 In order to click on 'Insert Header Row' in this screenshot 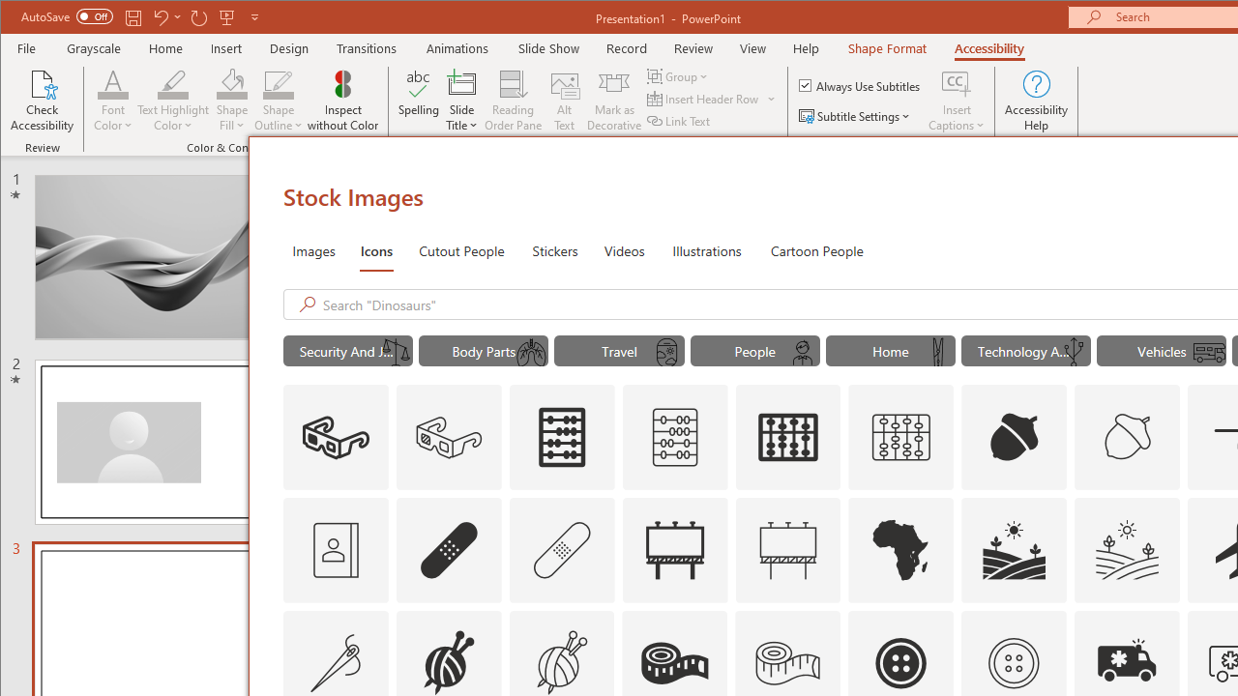, I will do `click(711, 99)`.